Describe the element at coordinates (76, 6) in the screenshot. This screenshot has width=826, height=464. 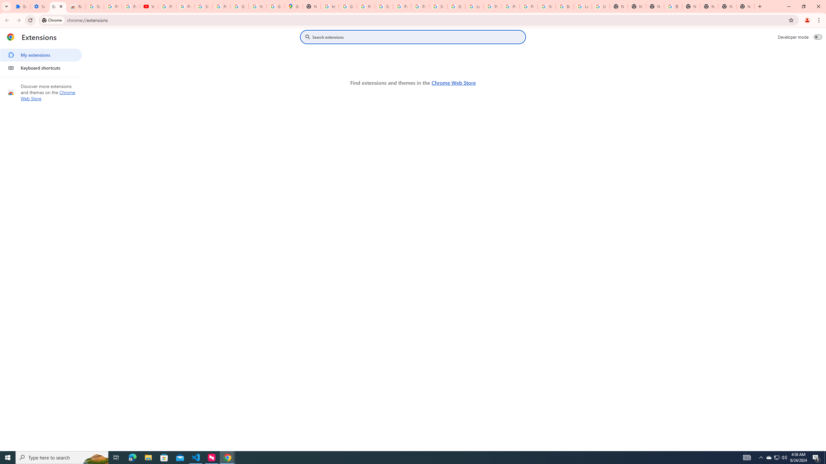
I see `'Reviews: Helix Fruit Jump Arcade Game'` at that location.